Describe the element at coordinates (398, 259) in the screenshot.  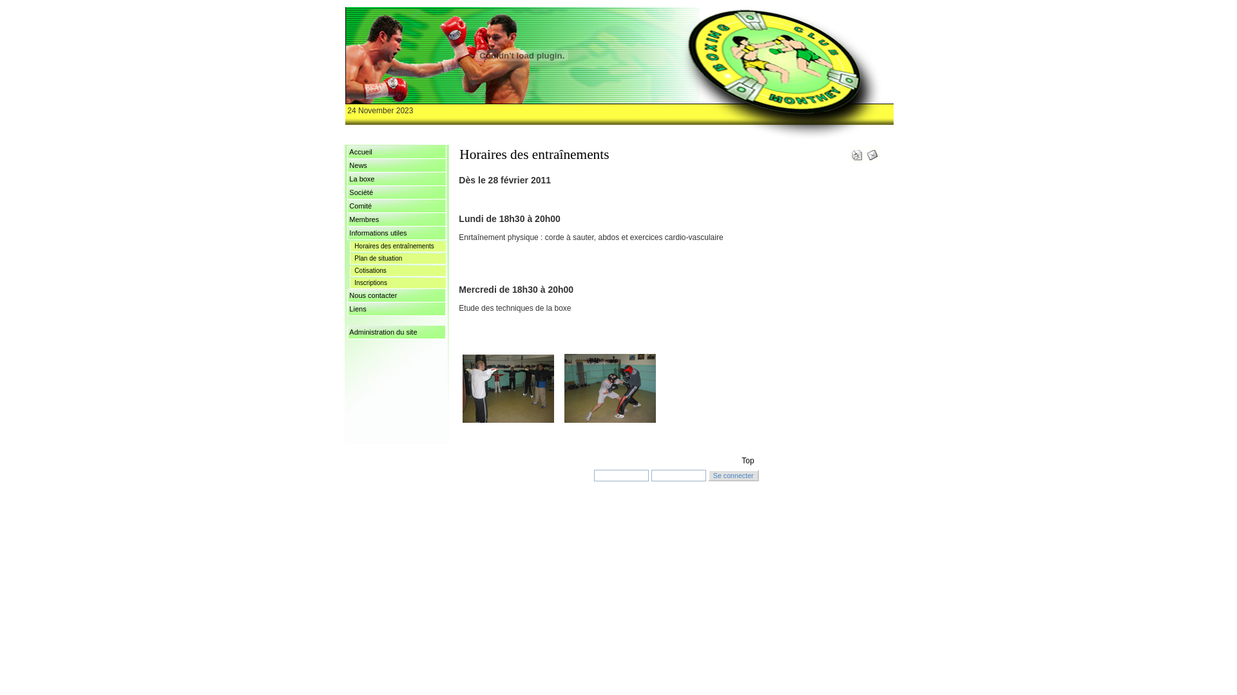
I see `'Plan de situation'` at that location.